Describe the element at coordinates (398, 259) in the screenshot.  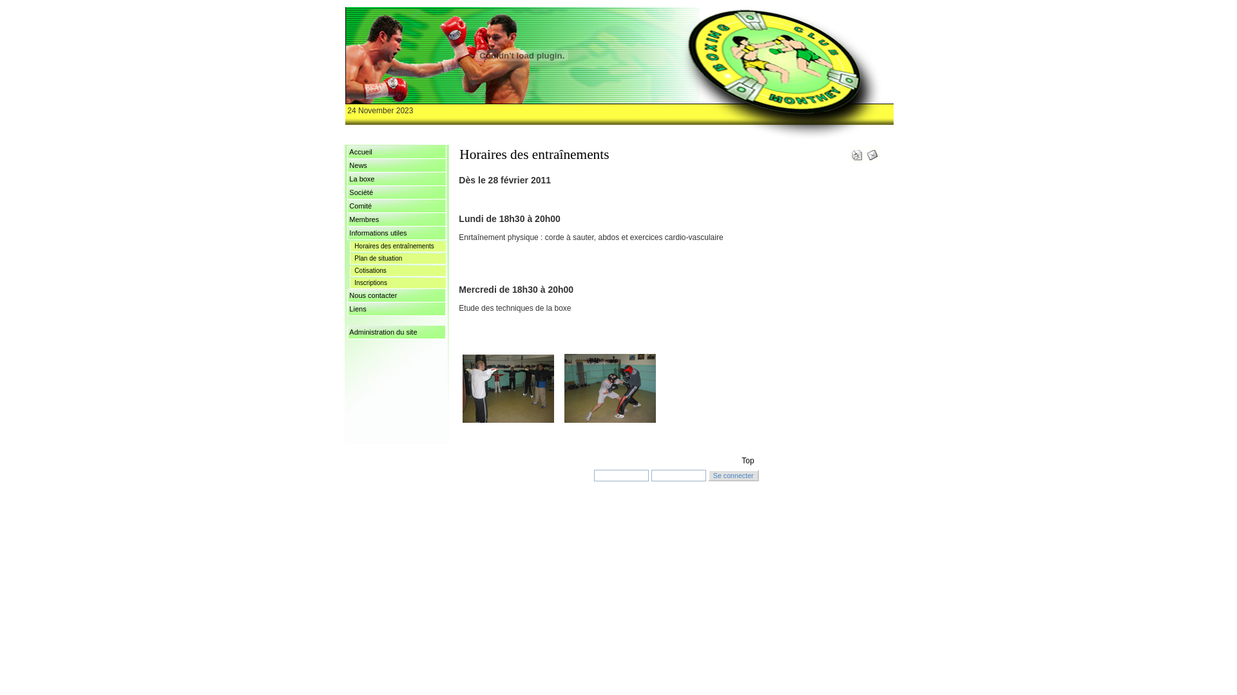
I see `'Plan de situation'` at that location.